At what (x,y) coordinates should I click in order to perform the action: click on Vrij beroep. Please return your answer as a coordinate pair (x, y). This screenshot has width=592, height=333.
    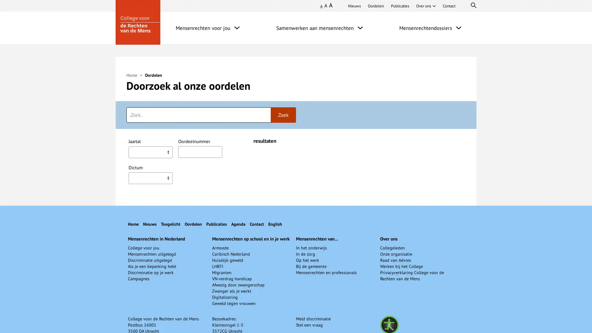
    Looking at the image, I should click on (331, 187).